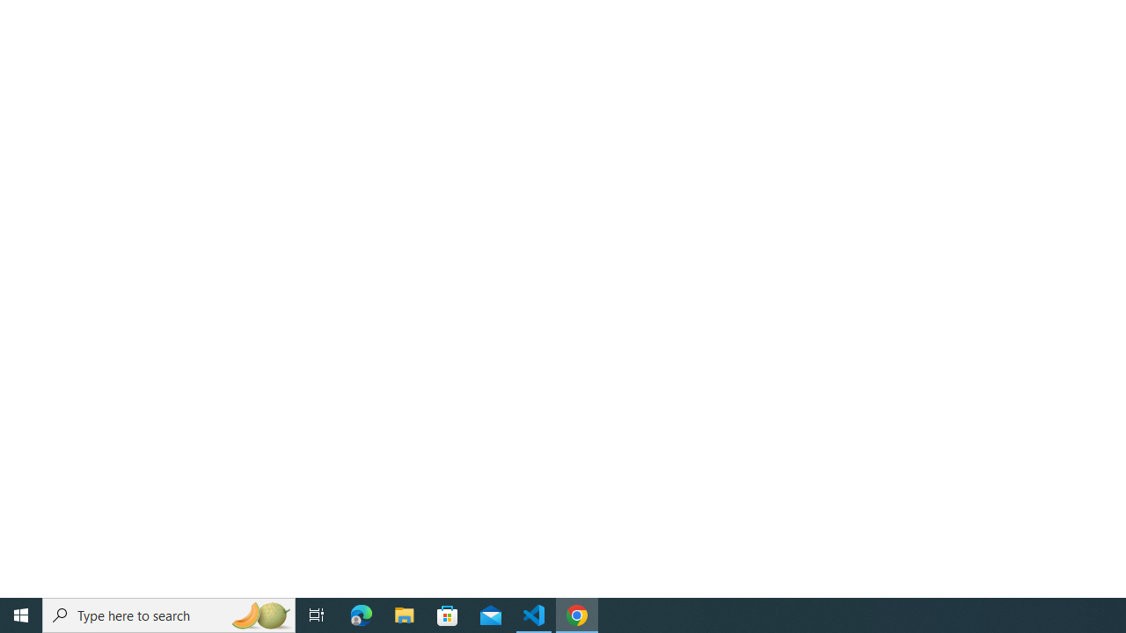 The image size is (1126, 633). What do you see at coordinates (448, 614) in the screenshot?
I see `'Microsoft Store'` at bounding box center [448, 614].